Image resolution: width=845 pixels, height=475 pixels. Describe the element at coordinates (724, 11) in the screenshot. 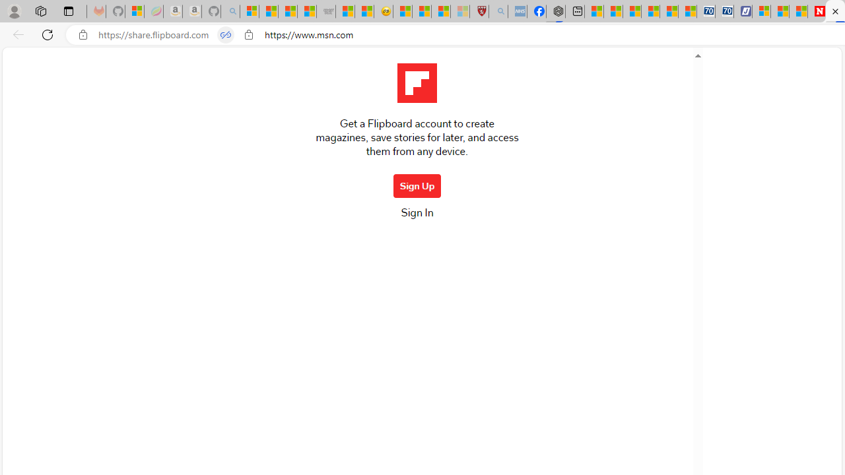

I see `'Cheap Hotels - Save70.com'` at that location.